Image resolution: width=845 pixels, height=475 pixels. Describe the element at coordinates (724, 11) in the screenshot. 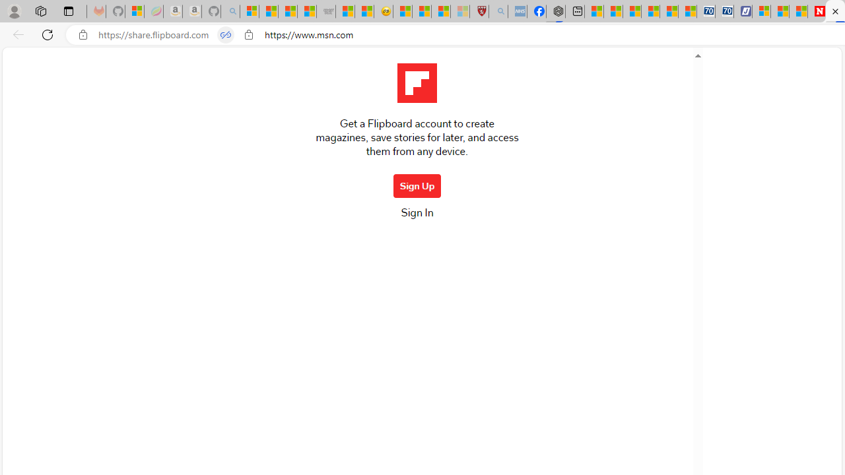

I see `'Cheap Hotels - Save70.com'` at that location.